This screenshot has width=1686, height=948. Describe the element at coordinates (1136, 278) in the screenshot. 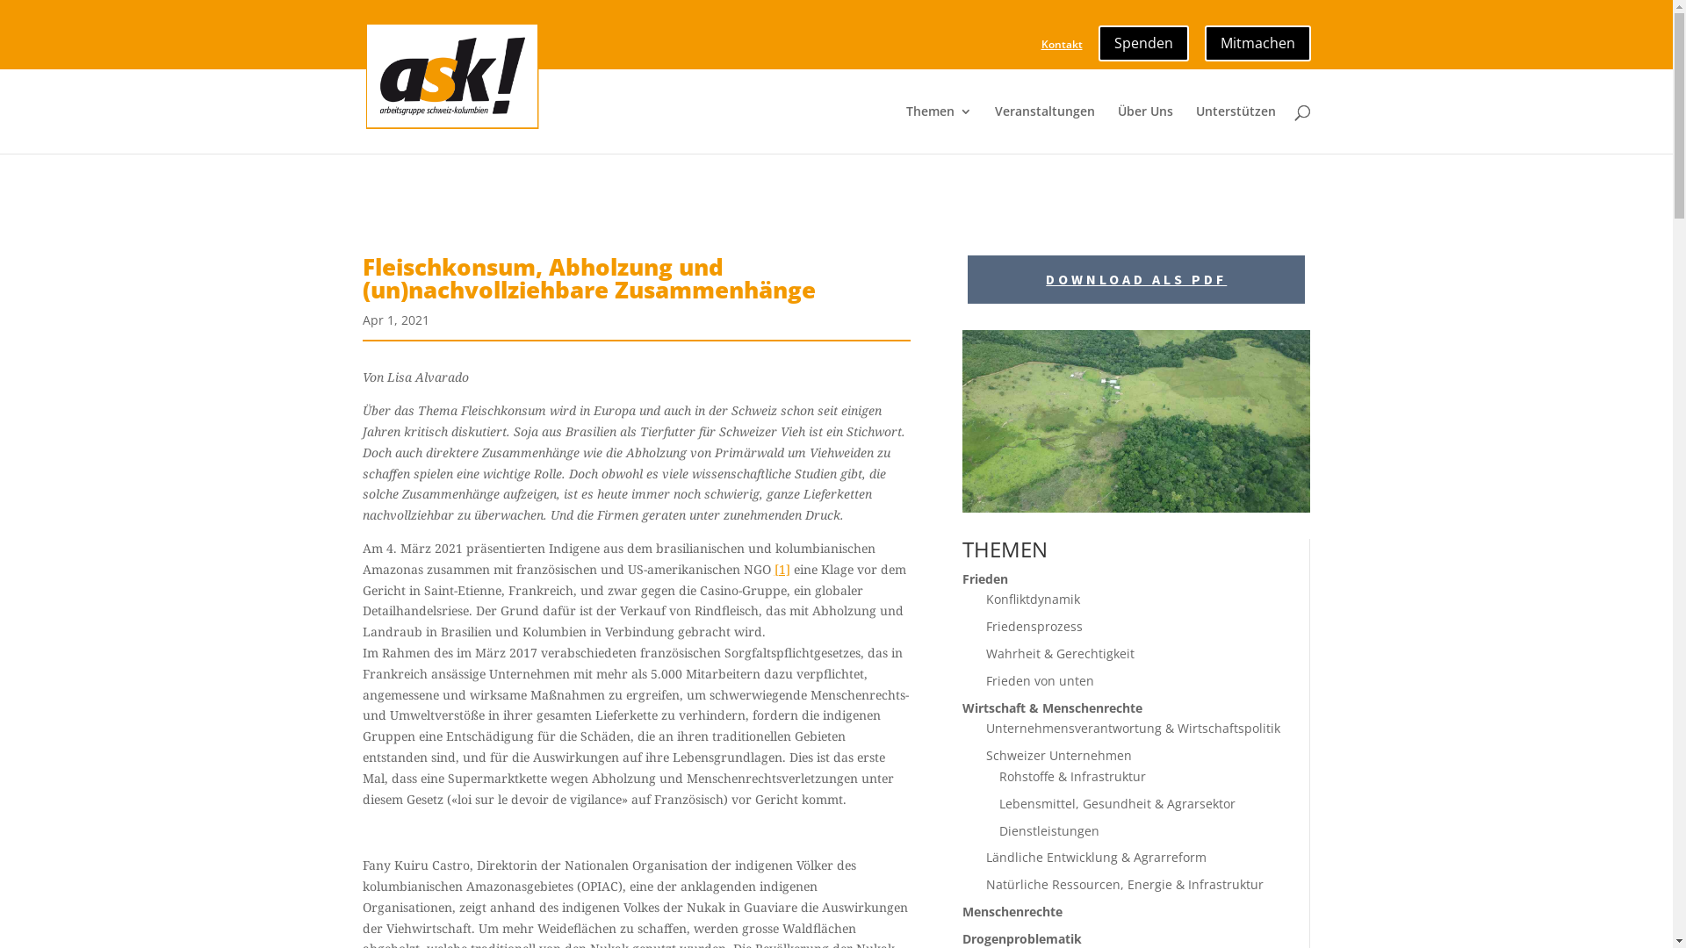

I see `'DOWNLOAD ALS PDF'` at that location.